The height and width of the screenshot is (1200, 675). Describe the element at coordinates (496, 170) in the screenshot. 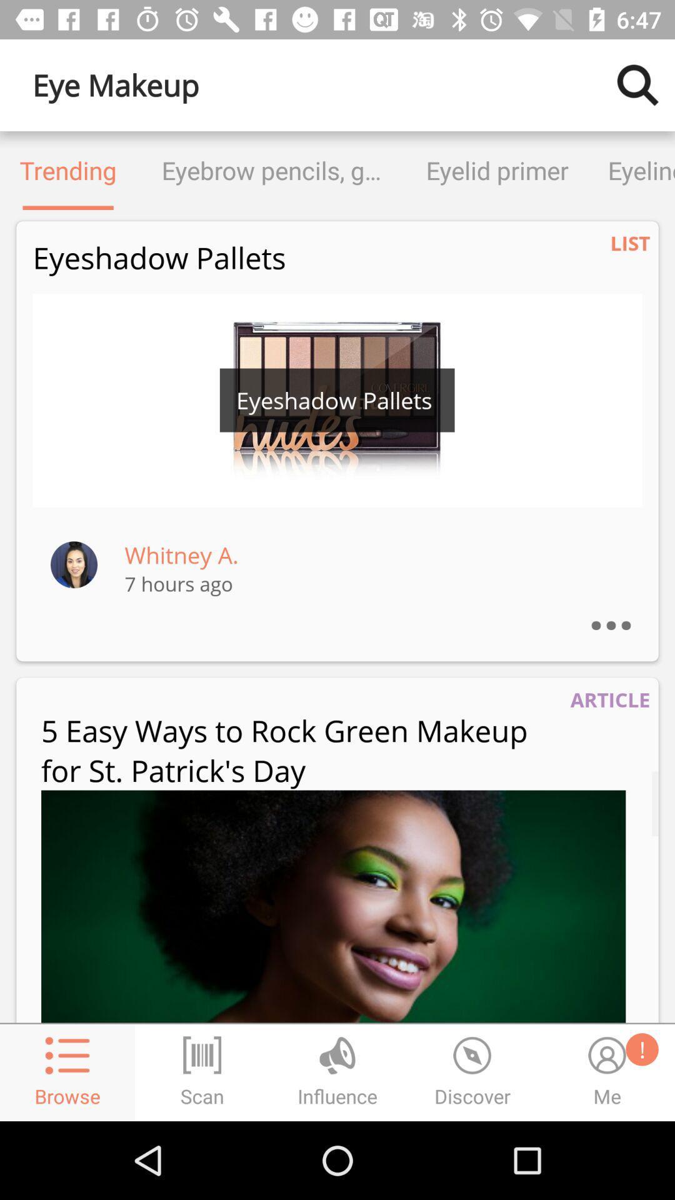

I see `eyelid primer icon` at that location.